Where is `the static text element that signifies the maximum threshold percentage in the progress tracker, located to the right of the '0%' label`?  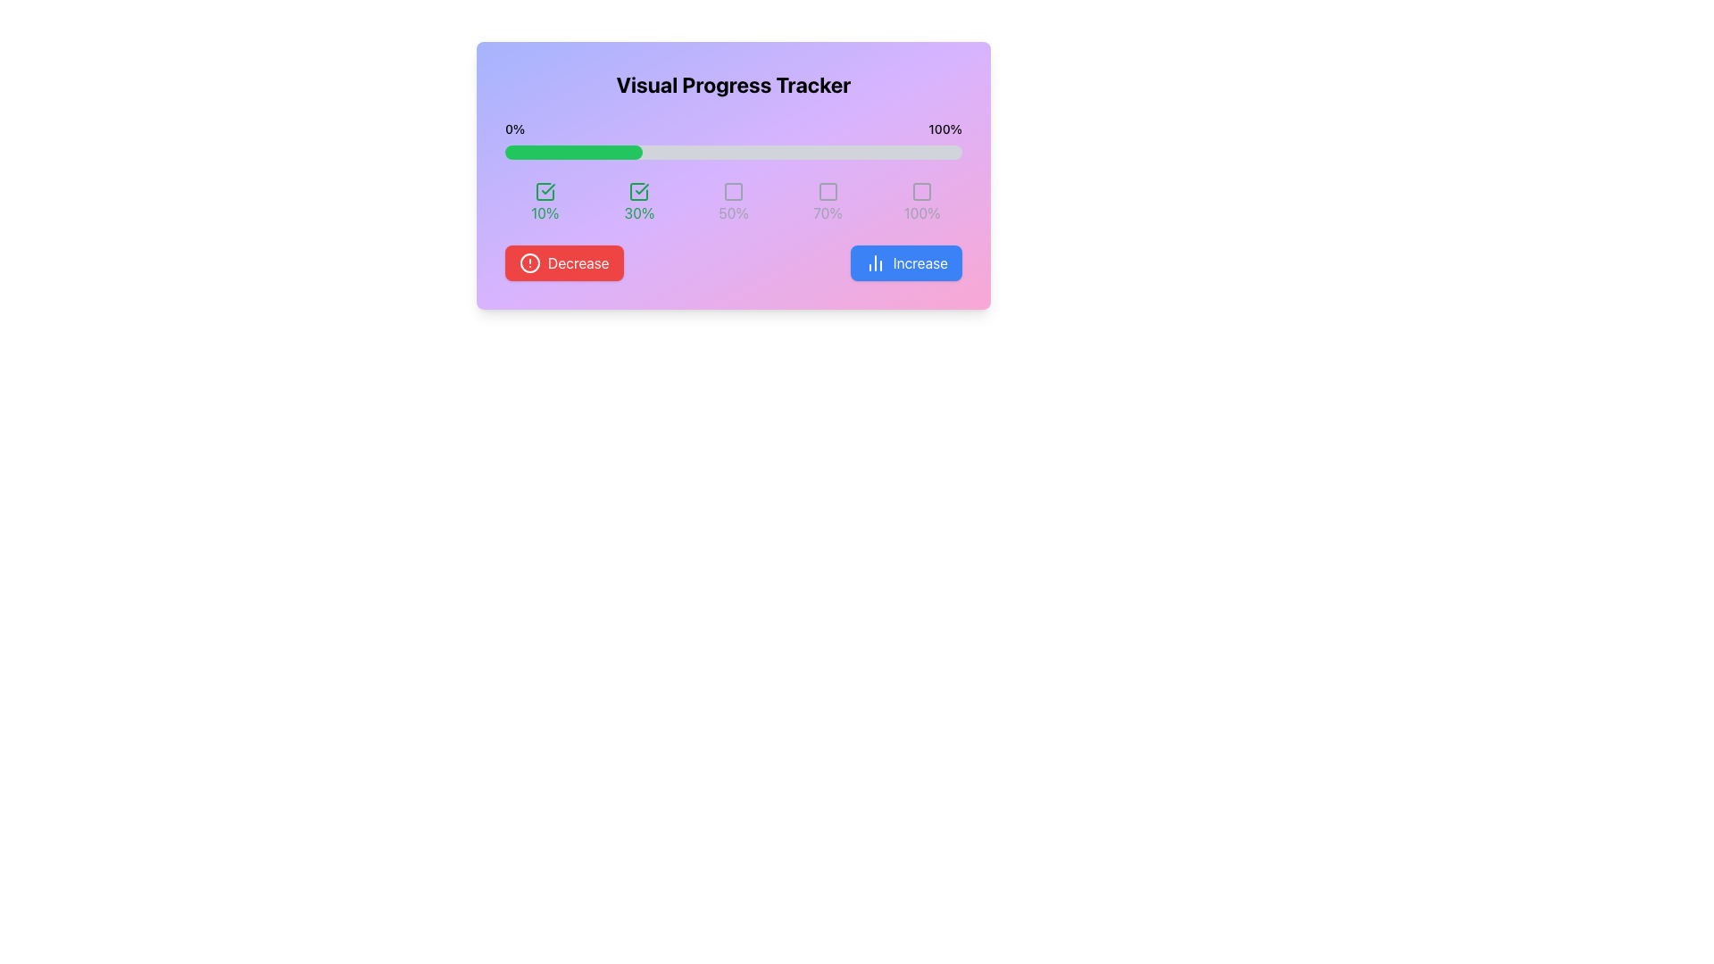
the static text element that signifies the maximum threshold percentage in the progress tracker, located to the right of the '0%' label is located at coordinates (944, 129).